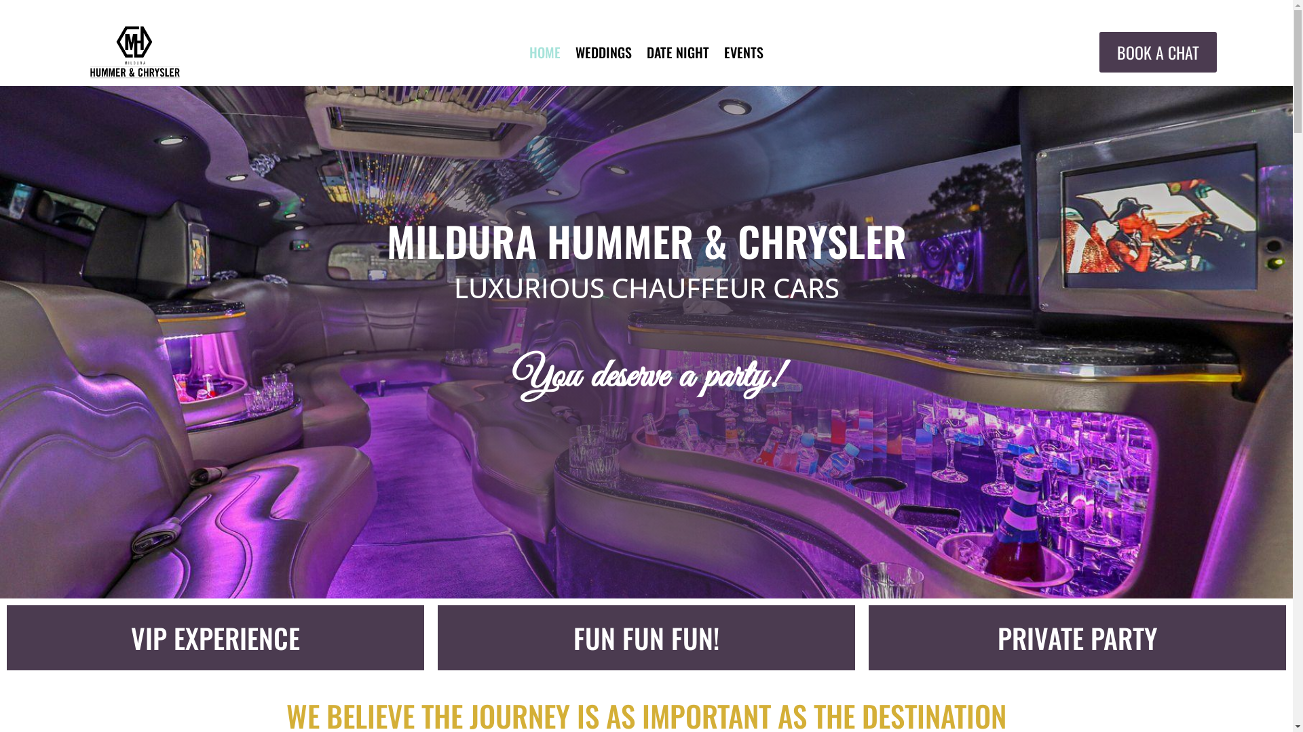 Image resolution: width=1303 pixels, height=732 pixels. Describe the element at coordinates (134, 52) in the screenshot. I see `'MHC Logo-03'` at that location.